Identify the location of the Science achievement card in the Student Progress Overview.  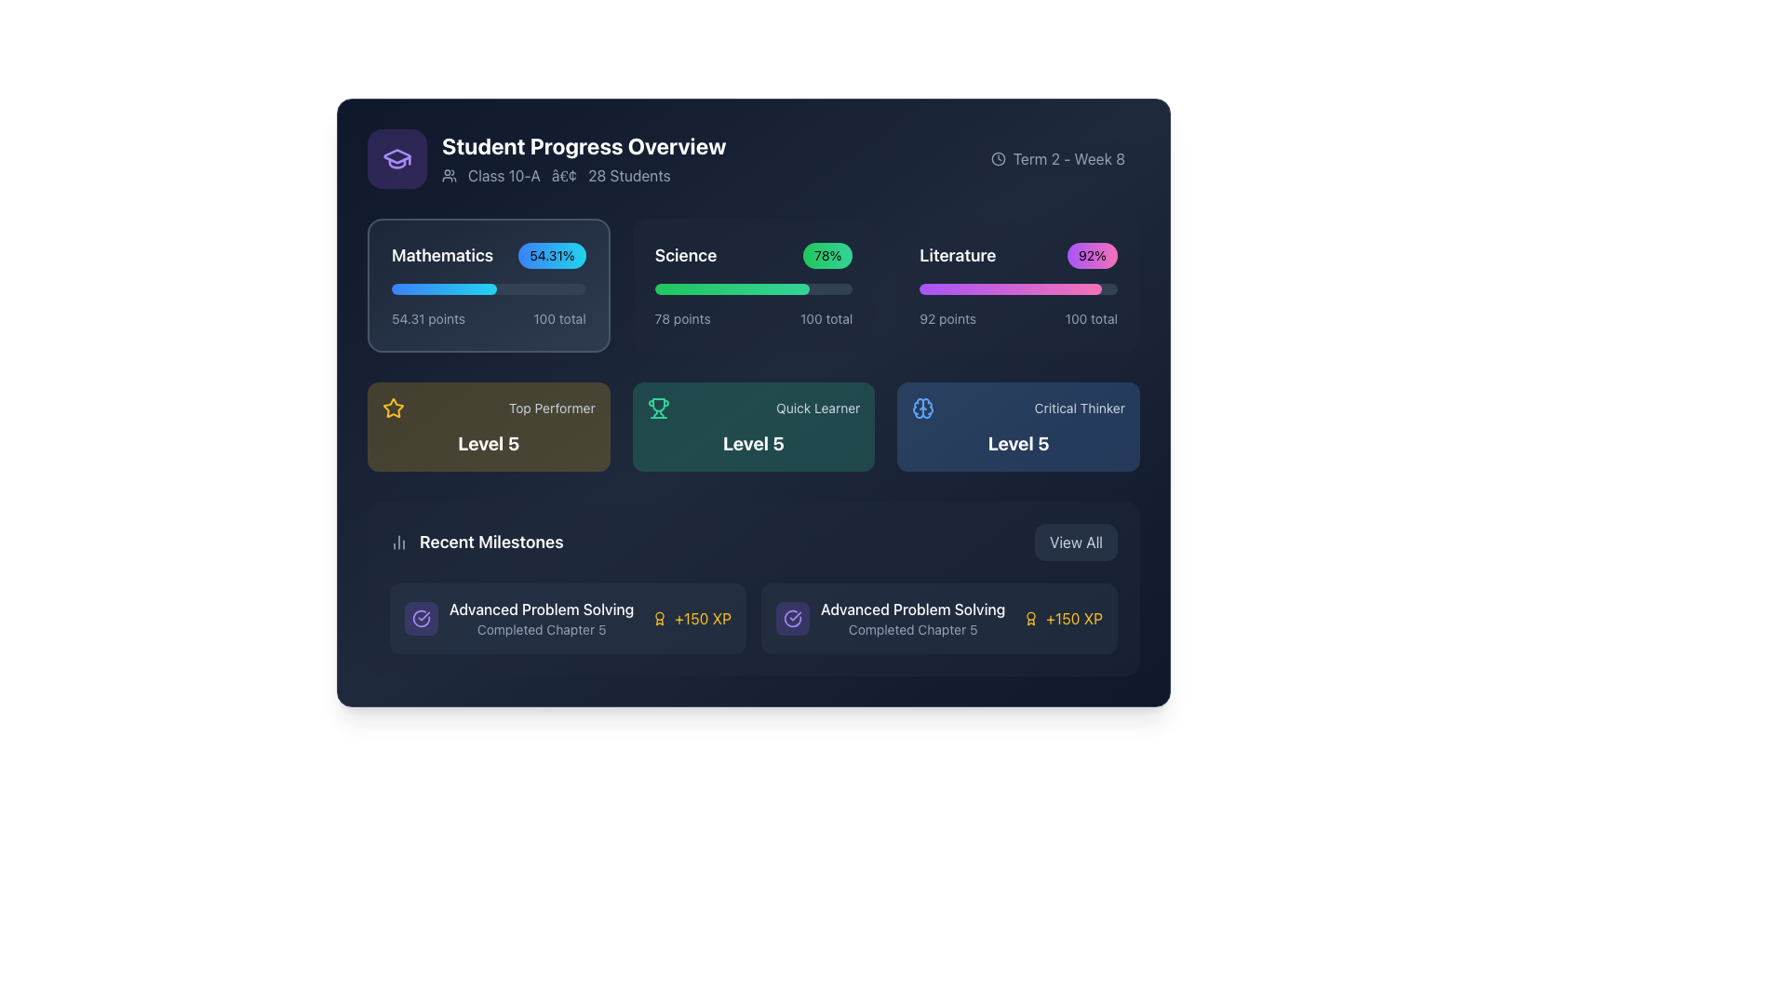
(754, 286).